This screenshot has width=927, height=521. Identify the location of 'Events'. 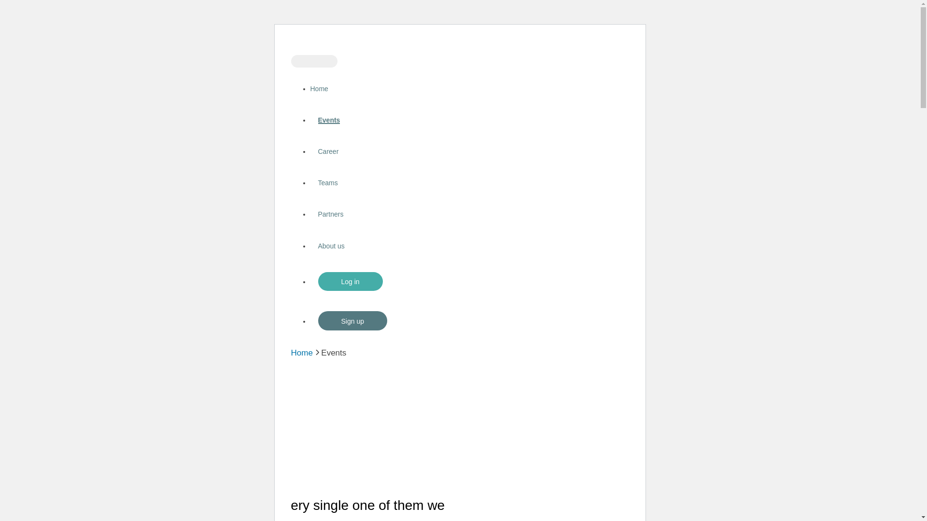
(329, 120).